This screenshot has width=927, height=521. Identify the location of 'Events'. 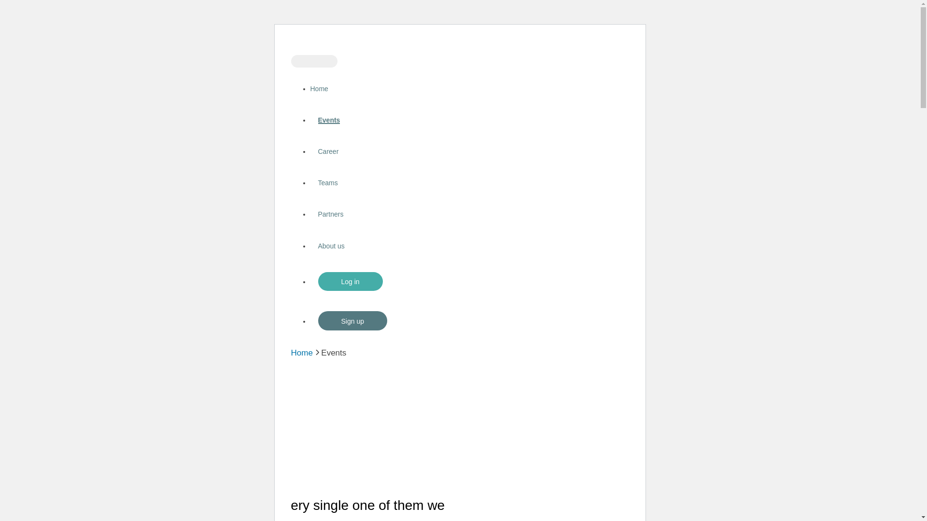
(329, 120).